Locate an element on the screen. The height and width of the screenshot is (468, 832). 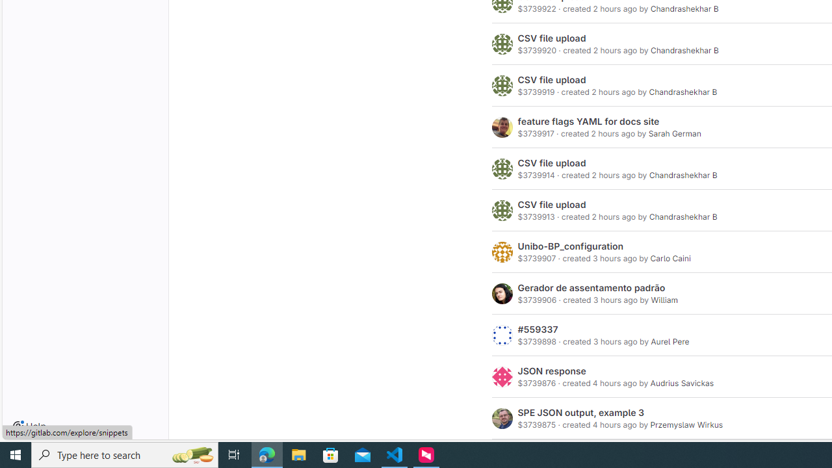
'Unibo-BP_configuration' is located at coordinates (571, 246).